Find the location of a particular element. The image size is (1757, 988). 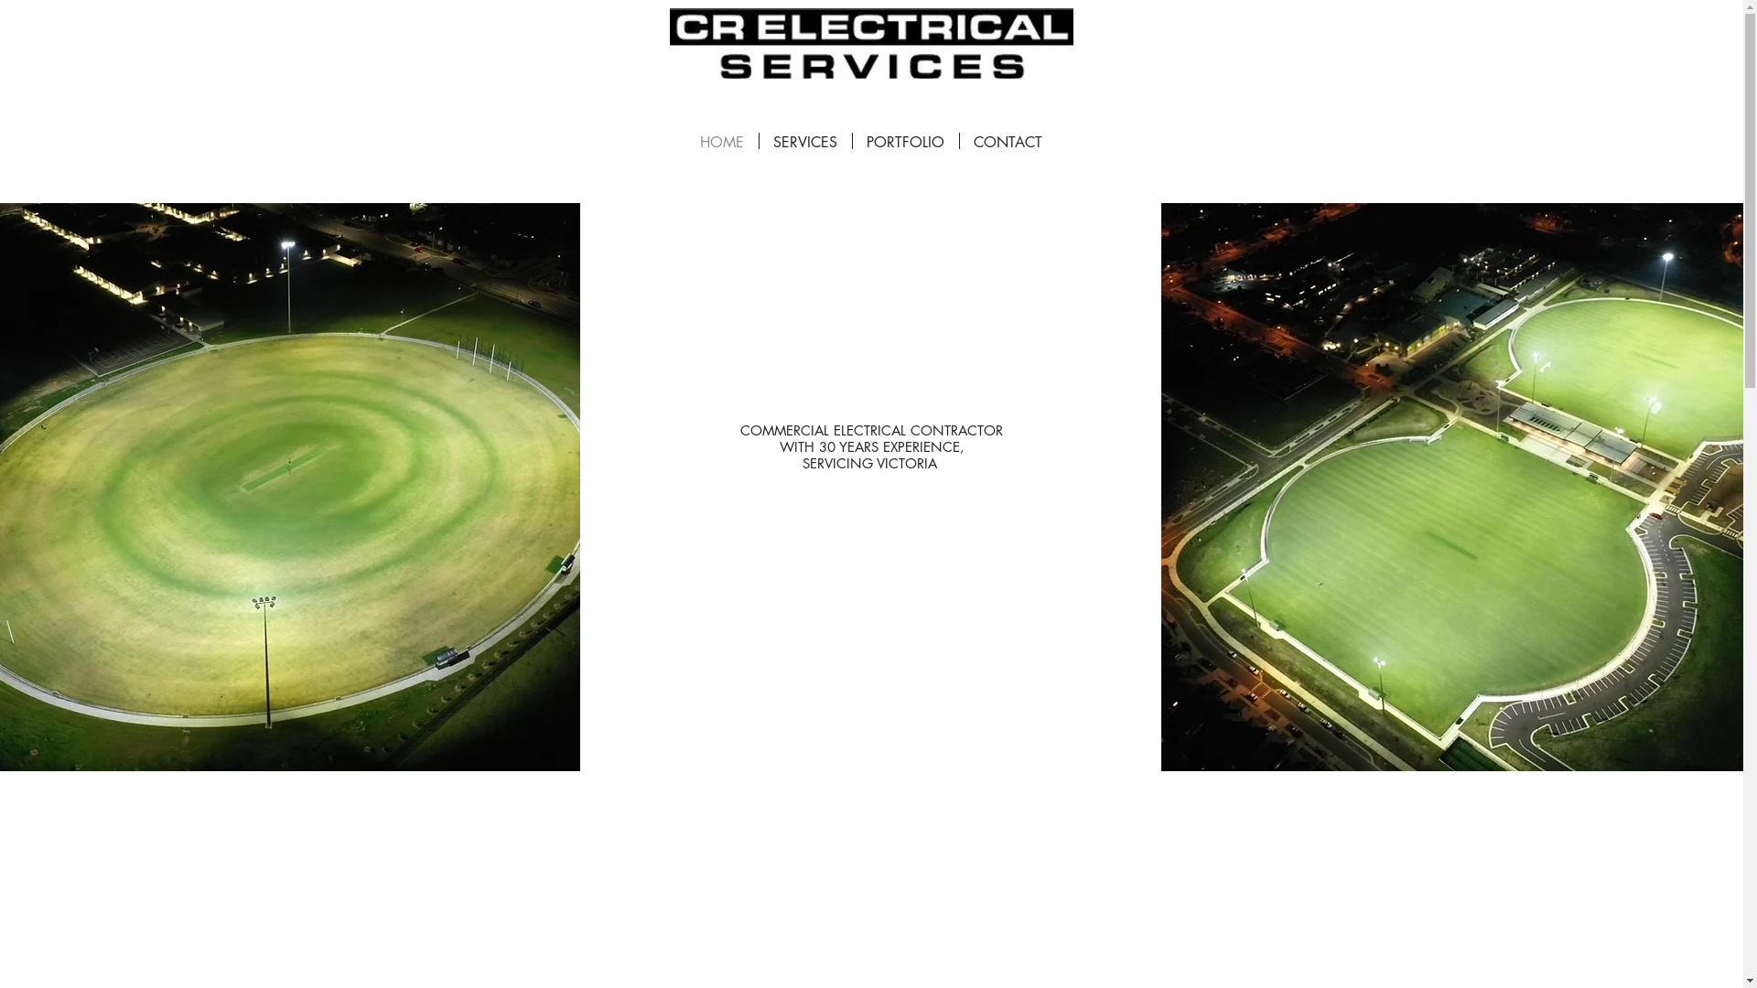

'SERVICES' is located at coordinates (805, 140).